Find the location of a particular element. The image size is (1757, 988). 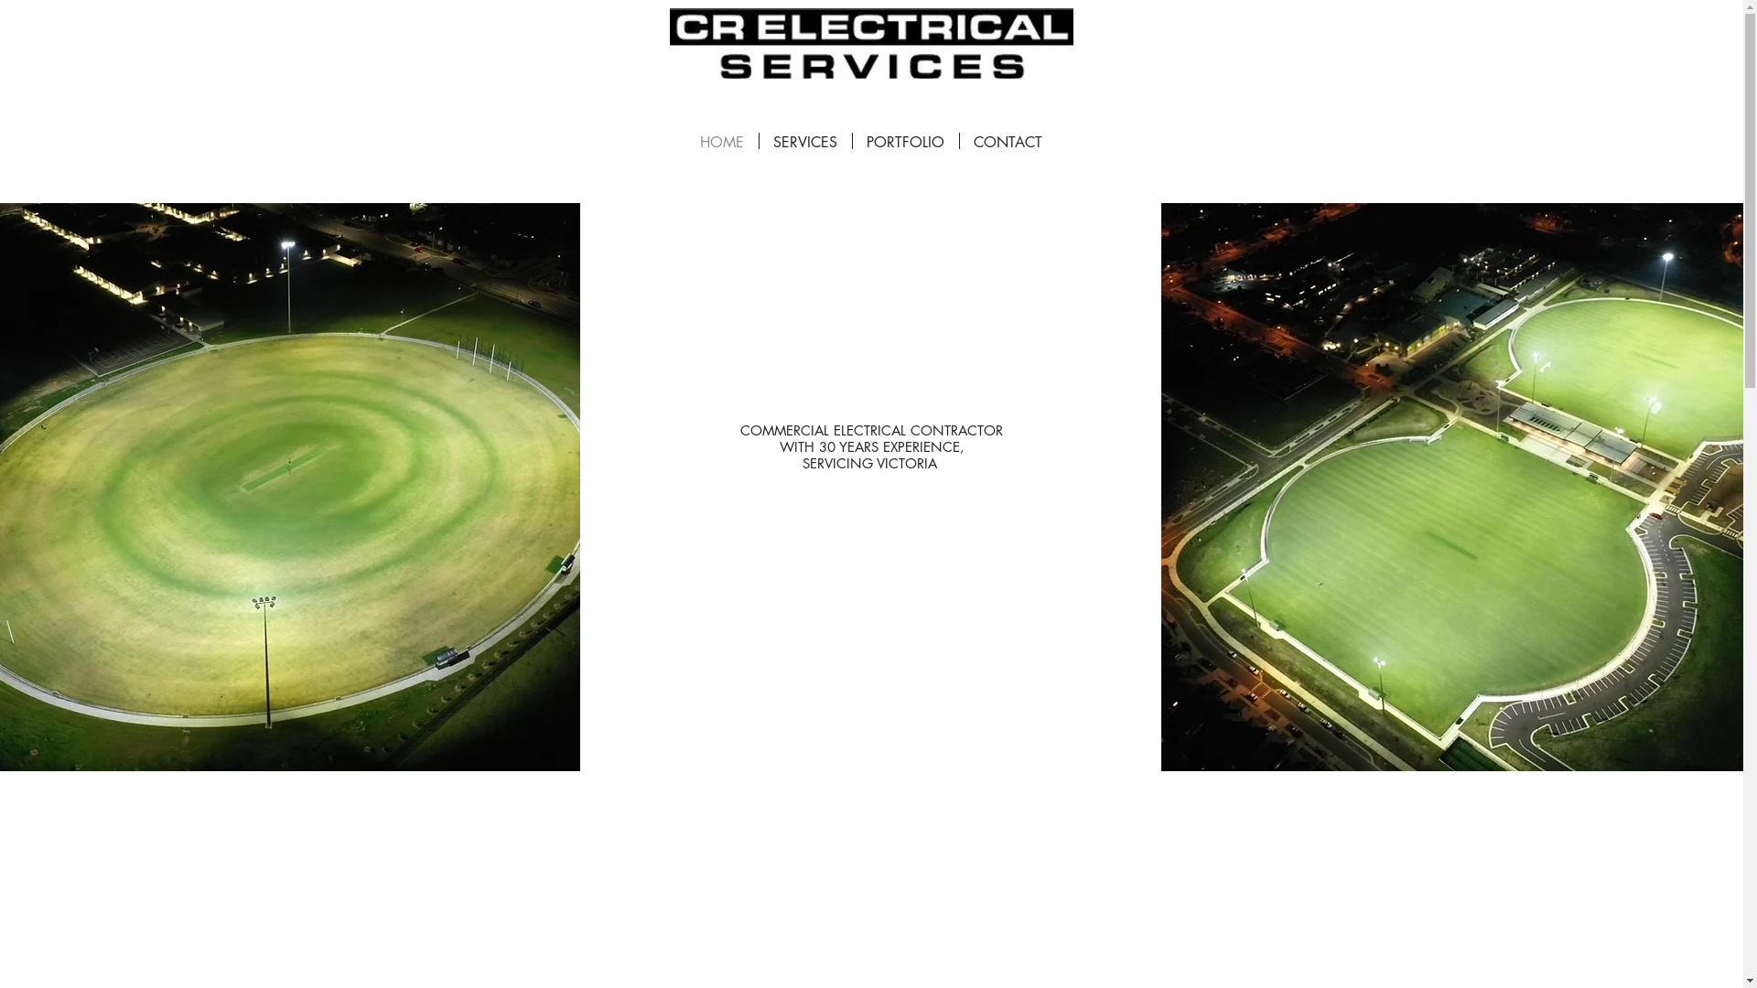

'SERVICES' is located at coordinates (805, 140).